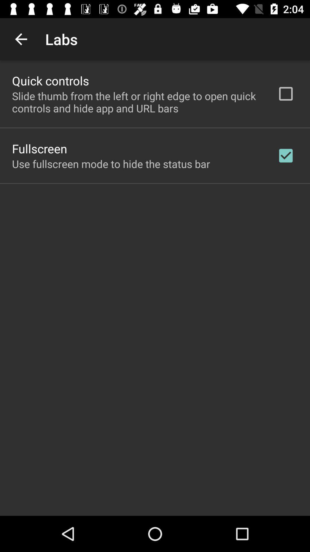 This screenshot has height=552, width=310. What do you see at coordinates (21, 39) in the screenshot?
I see `the item next to labs app` at bounding box center [21, 39].